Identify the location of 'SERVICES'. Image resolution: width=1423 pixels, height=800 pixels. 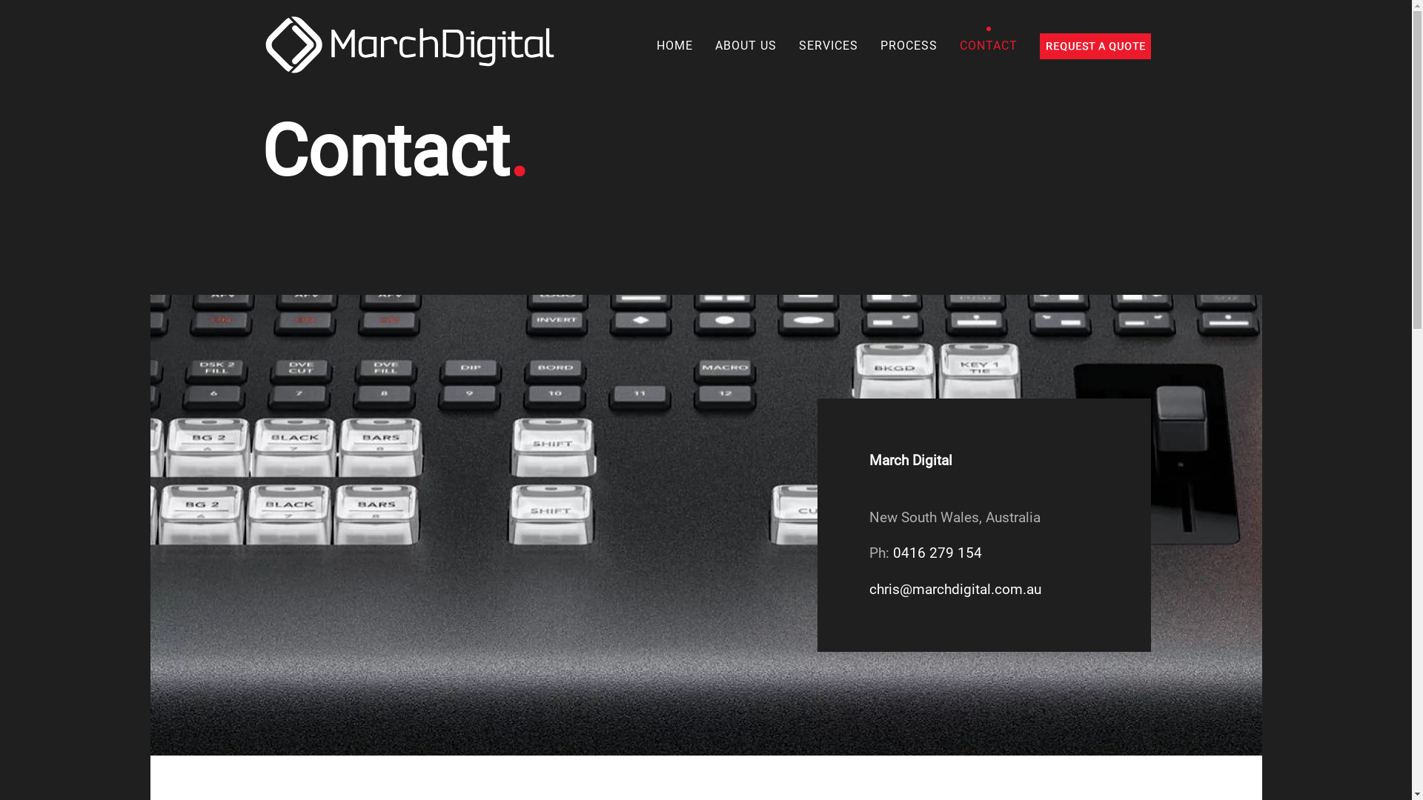
(827, 44).